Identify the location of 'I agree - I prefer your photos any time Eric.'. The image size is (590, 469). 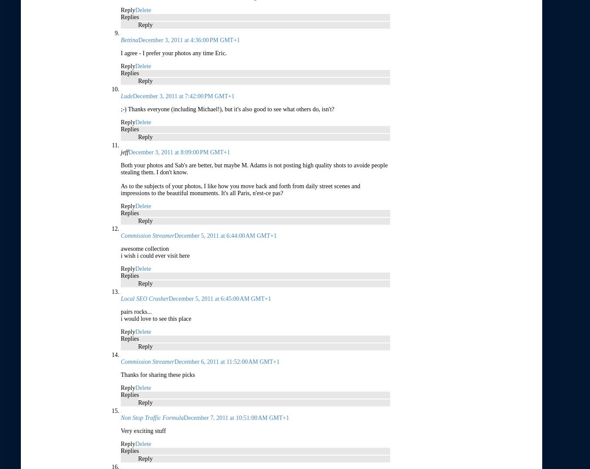
(173, 53).